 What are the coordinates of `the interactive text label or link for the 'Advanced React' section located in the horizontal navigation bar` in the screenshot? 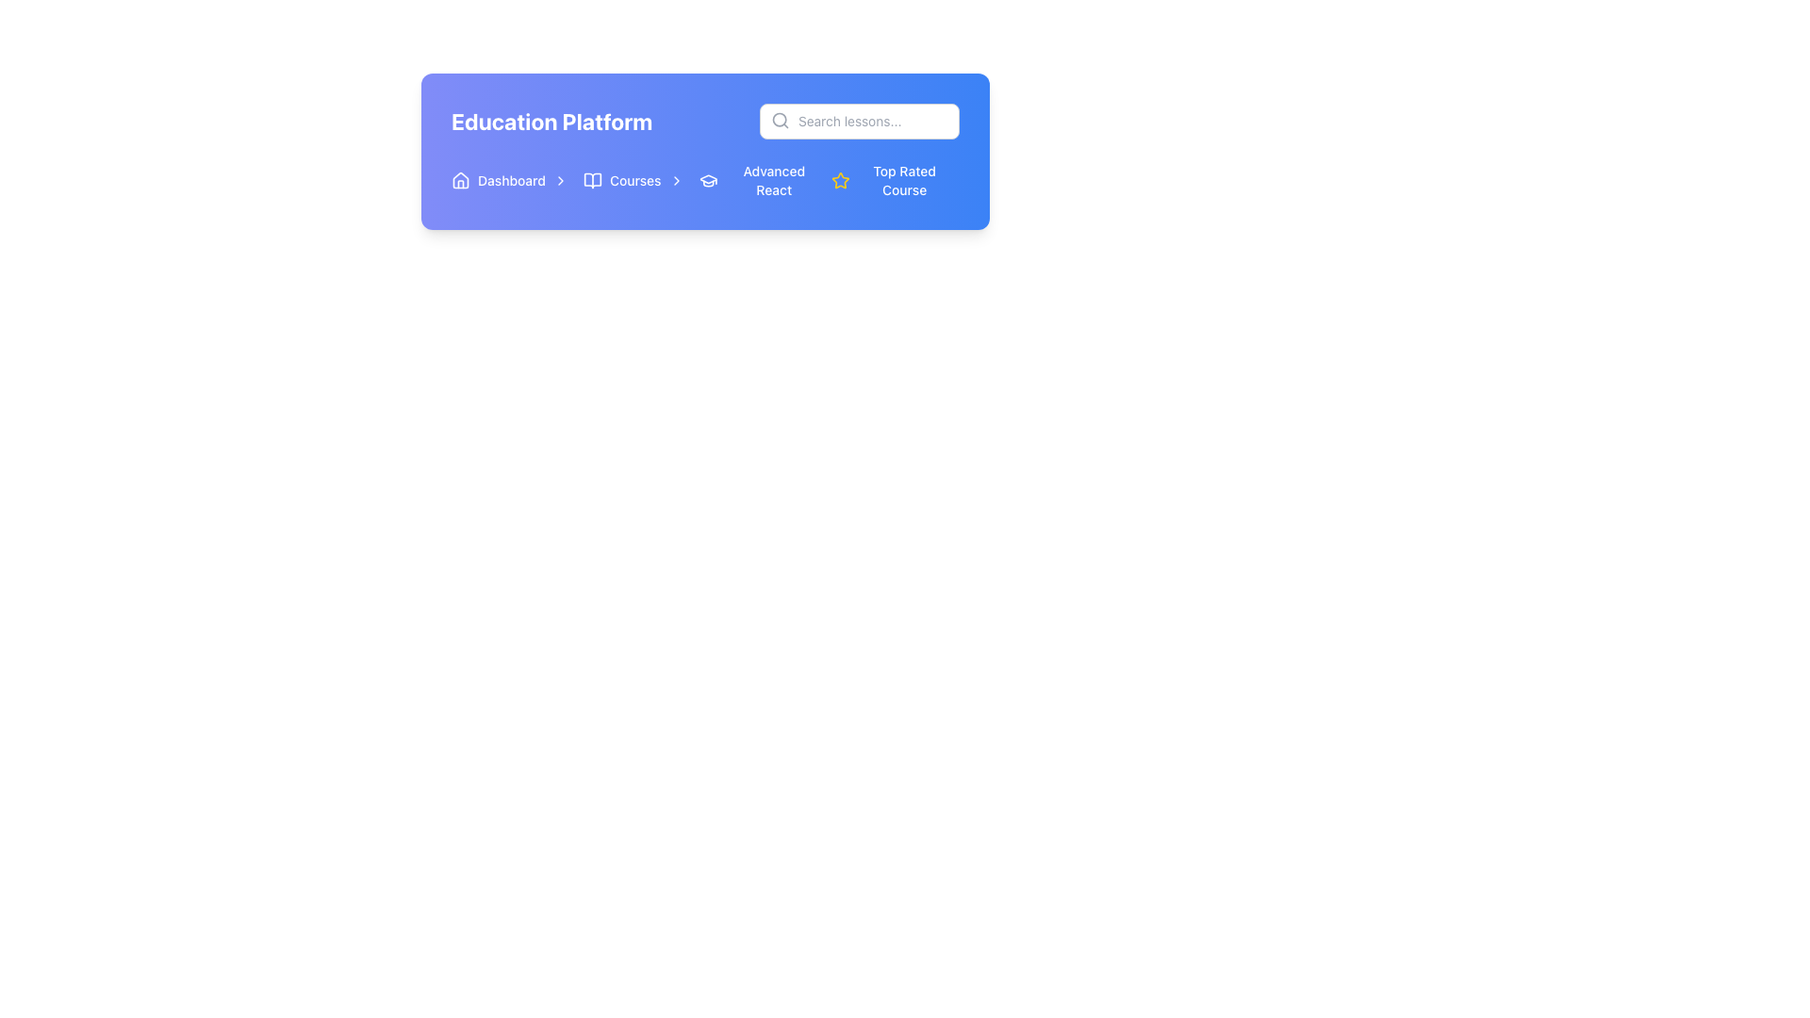 It's located at (774, 181).